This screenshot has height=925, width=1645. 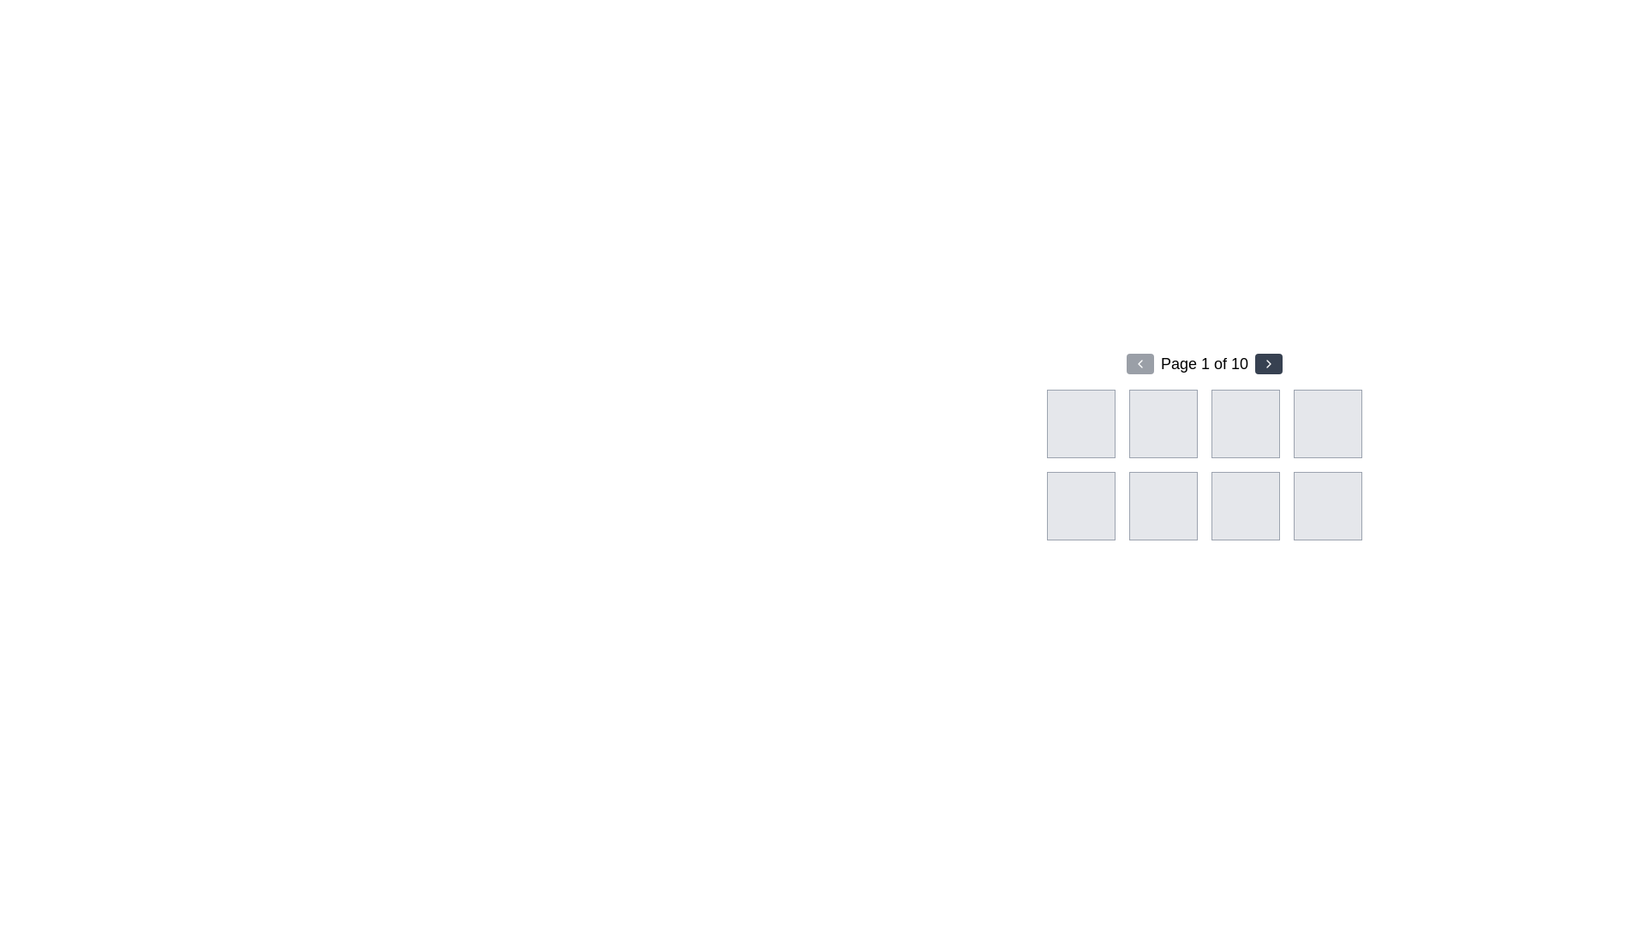 I want to click on the third box in the first row of a 4x2 grid layout, positioned near the upper-right section of the interface, so click(x=1246, y=423).